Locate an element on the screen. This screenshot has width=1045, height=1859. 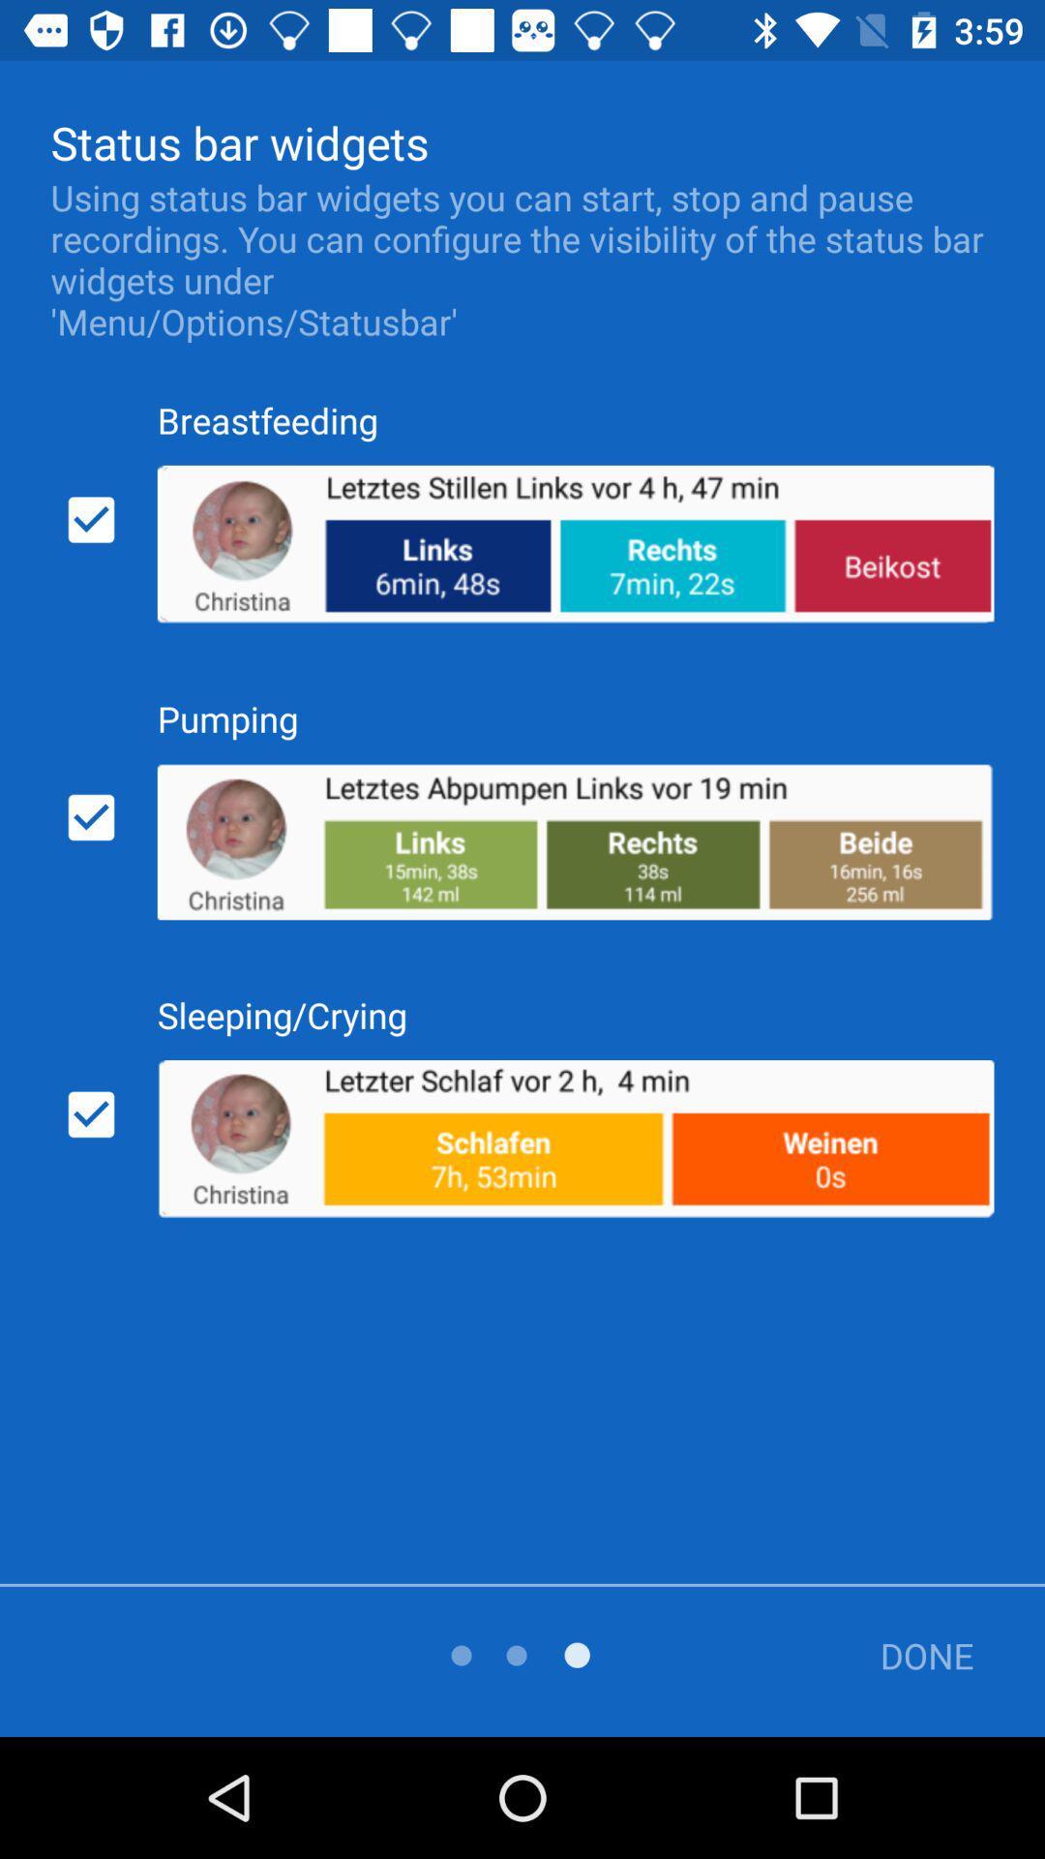
the done item is located at coordinates (912, 1654).